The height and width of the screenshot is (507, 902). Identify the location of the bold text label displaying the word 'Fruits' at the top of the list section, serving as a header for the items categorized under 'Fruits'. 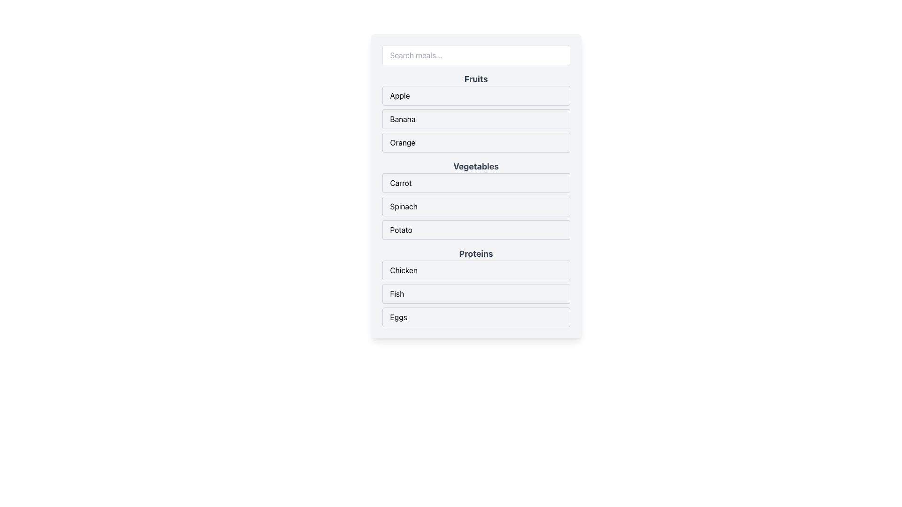
(476, 79).